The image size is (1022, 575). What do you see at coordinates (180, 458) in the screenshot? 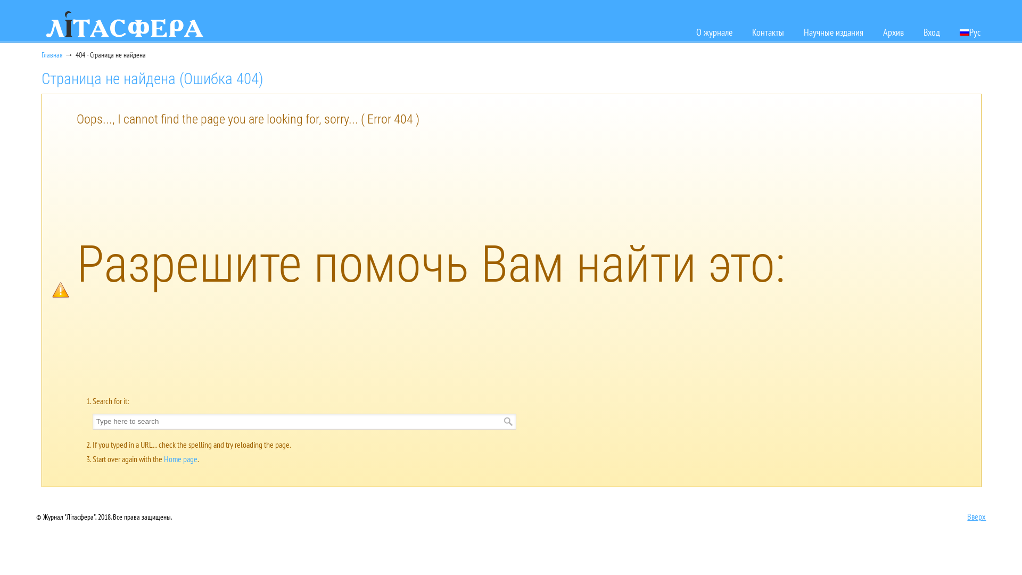
I see `'Home page'` at bounding box center [180, 458].